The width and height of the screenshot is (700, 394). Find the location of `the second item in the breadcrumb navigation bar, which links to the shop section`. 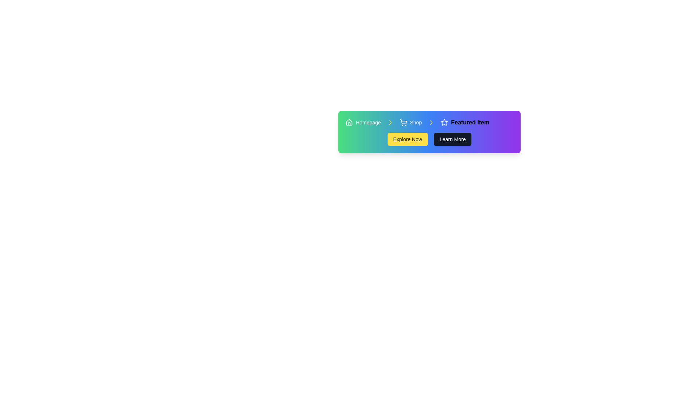

the second item in the breadcrumb navigation bar, which links to the shop section is located at coordinates (411, 122).